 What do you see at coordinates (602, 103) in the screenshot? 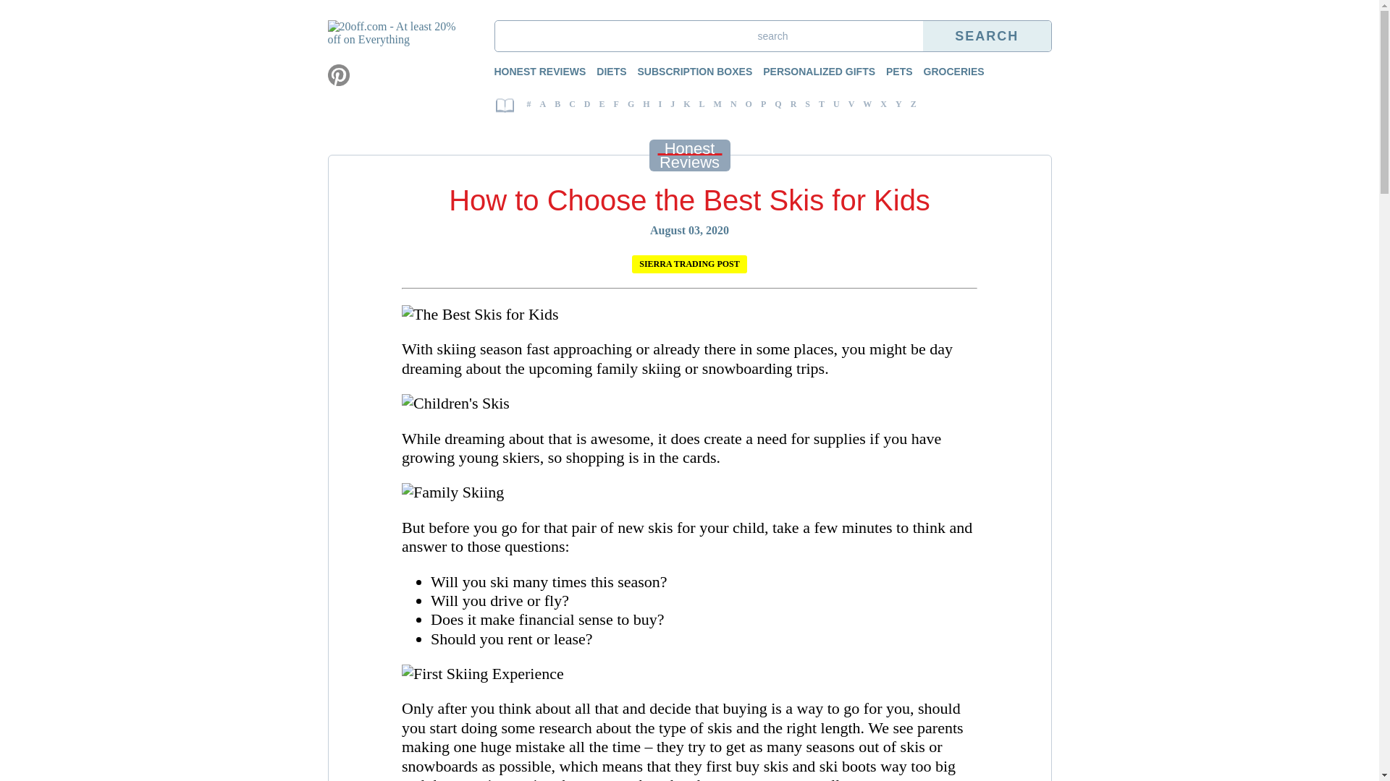
I see `'E'` at bounding box center [602, 103].